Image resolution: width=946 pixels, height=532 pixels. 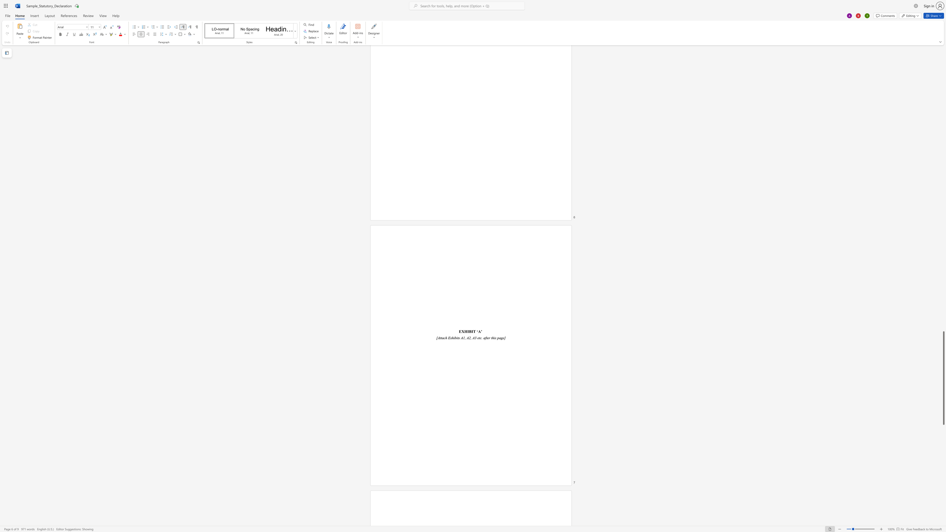 What do you see at coordinates (943, 232) in the screenshot?
I see `the scrollbar on the right to move the page upward` at bounding box center [943, 232].